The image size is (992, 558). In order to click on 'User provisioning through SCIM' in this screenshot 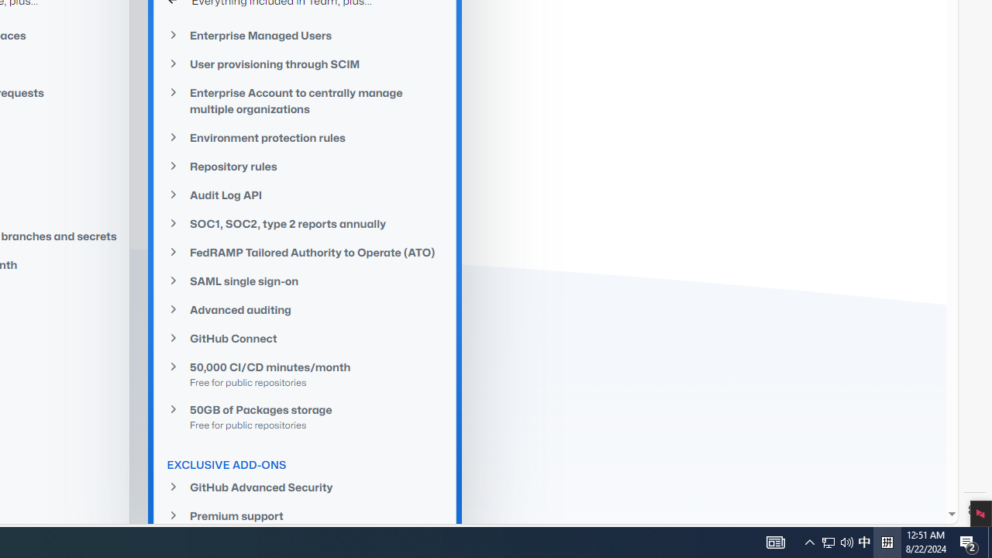, I will do `click(305, 63)`.